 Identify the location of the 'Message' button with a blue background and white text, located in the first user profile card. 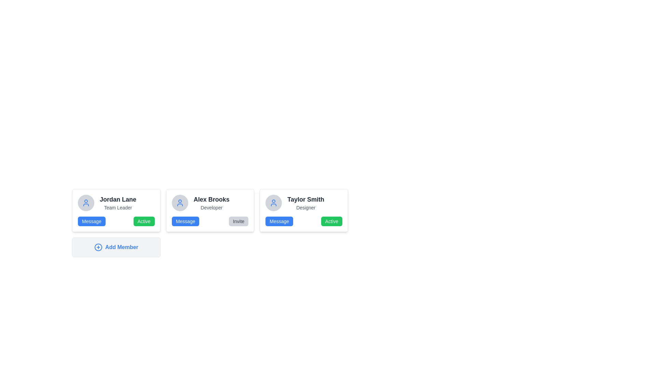
(91, 221).